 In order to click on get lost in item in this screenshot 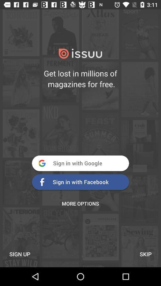, I will do `click(80, 78)`.